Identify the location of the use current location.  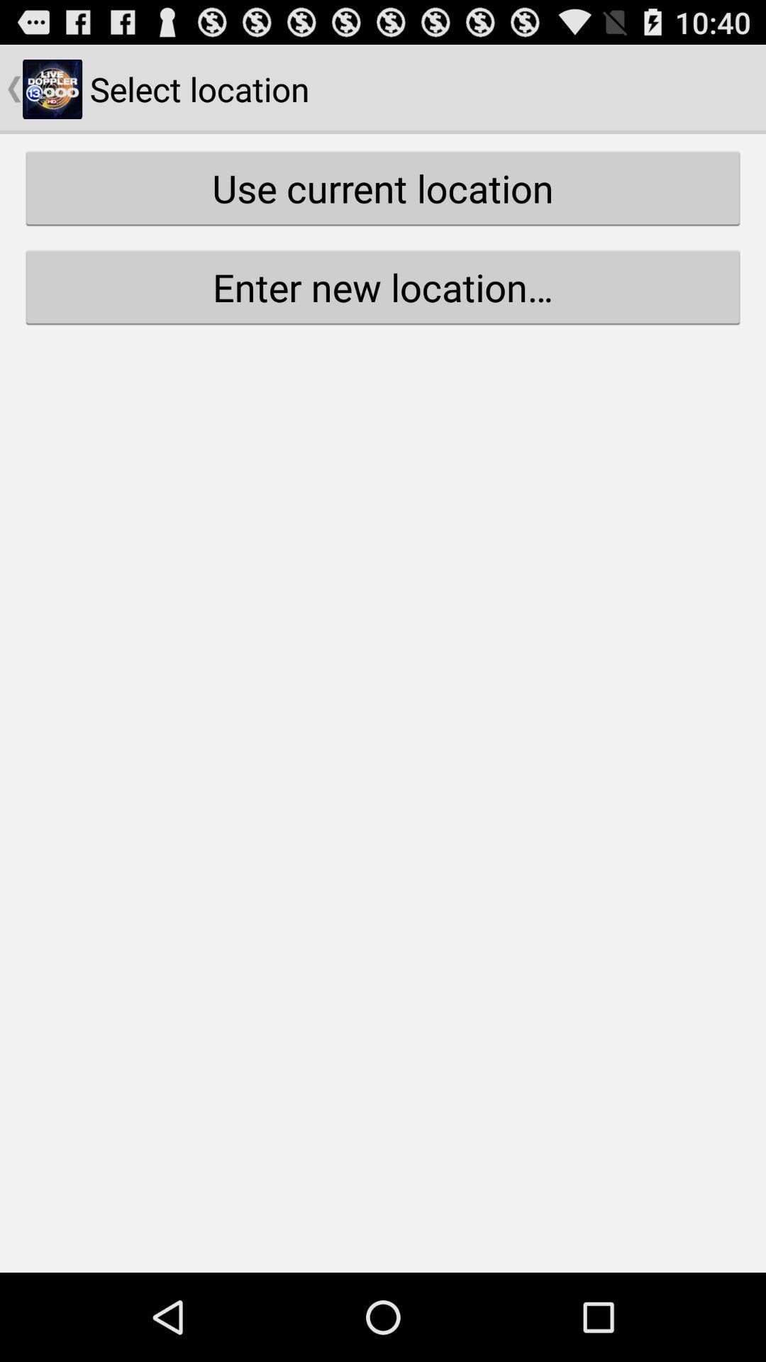
(383, 187).